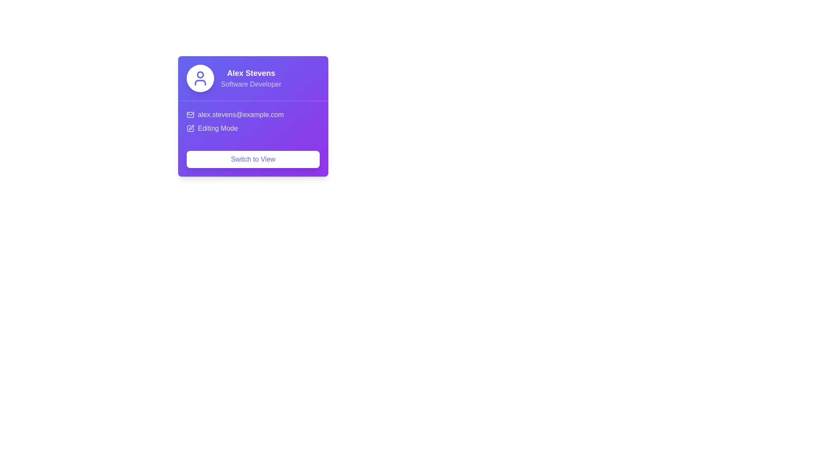 The width and height of the screenshot is (824, 463). What do you see at coordinates (253, 159) in the screenshot?
I see `the rectangular button labeled 'Switch` at bounding box center [253, 159].